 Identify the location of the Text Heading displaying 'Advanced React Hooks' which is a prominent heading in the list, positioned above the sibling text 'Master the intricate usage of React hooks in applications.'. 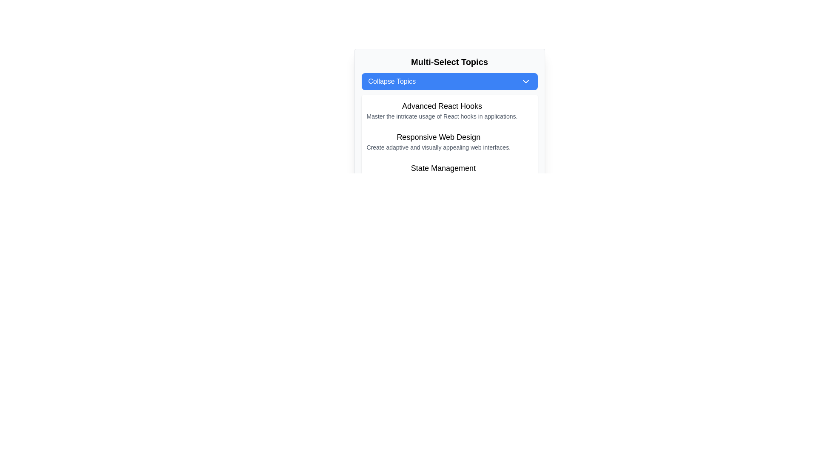
(442, 106).